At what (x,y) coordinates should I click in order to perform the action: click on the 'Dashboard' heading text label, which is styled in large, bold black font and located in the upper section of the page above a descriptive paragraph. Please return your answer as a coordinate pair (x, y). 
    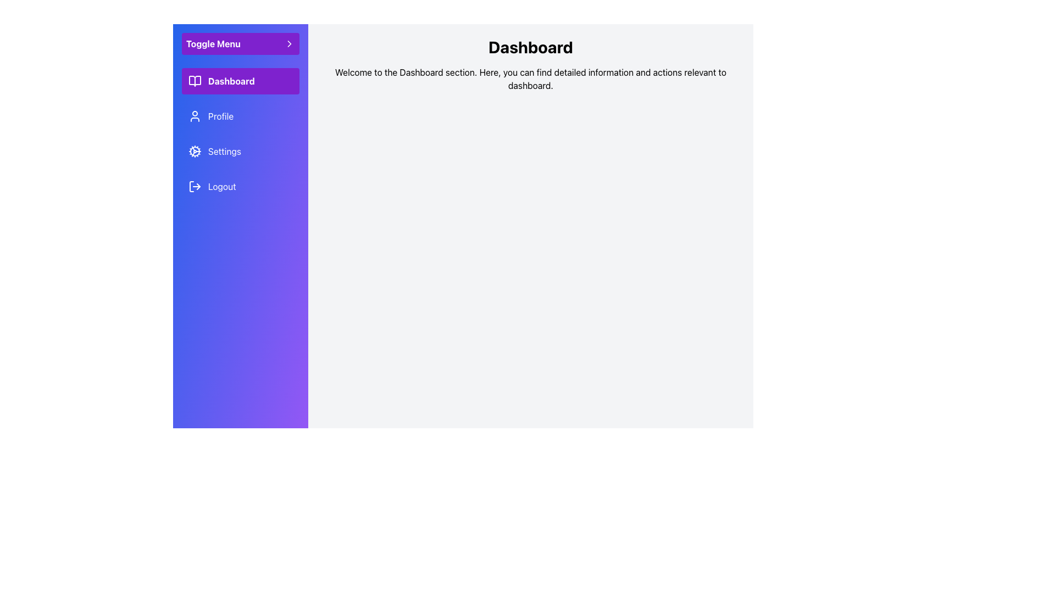
    Looking at the image, I should click on (530, 46).